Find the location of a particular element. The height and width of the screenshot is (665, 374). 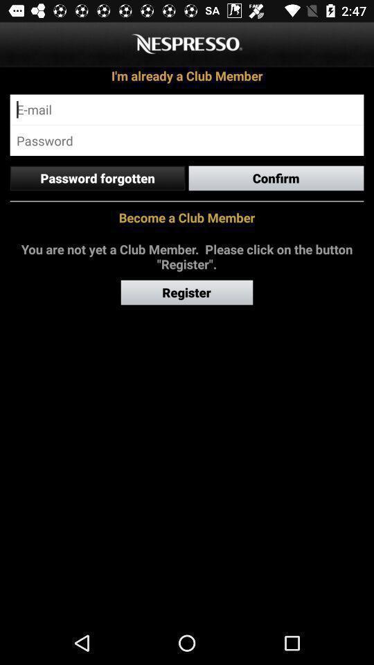

e-mail is located at coordinates (187, 109).